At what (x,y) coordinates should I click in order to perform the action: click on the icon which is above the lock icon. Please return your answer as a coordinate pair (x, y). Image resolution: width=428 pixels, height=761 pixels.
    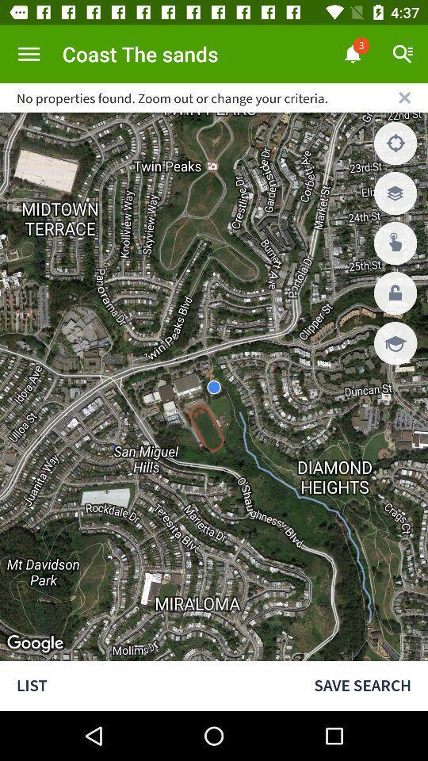
    Looking at the image, I should click on (395, 243).